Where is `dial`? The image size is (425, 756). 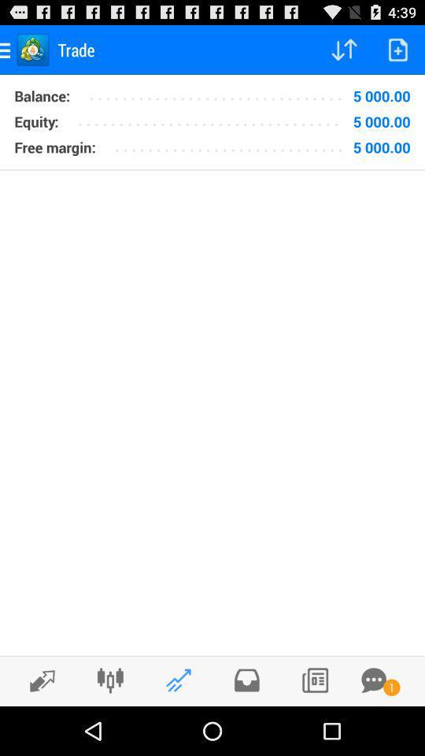 dial is located at coordinates (315, 680).